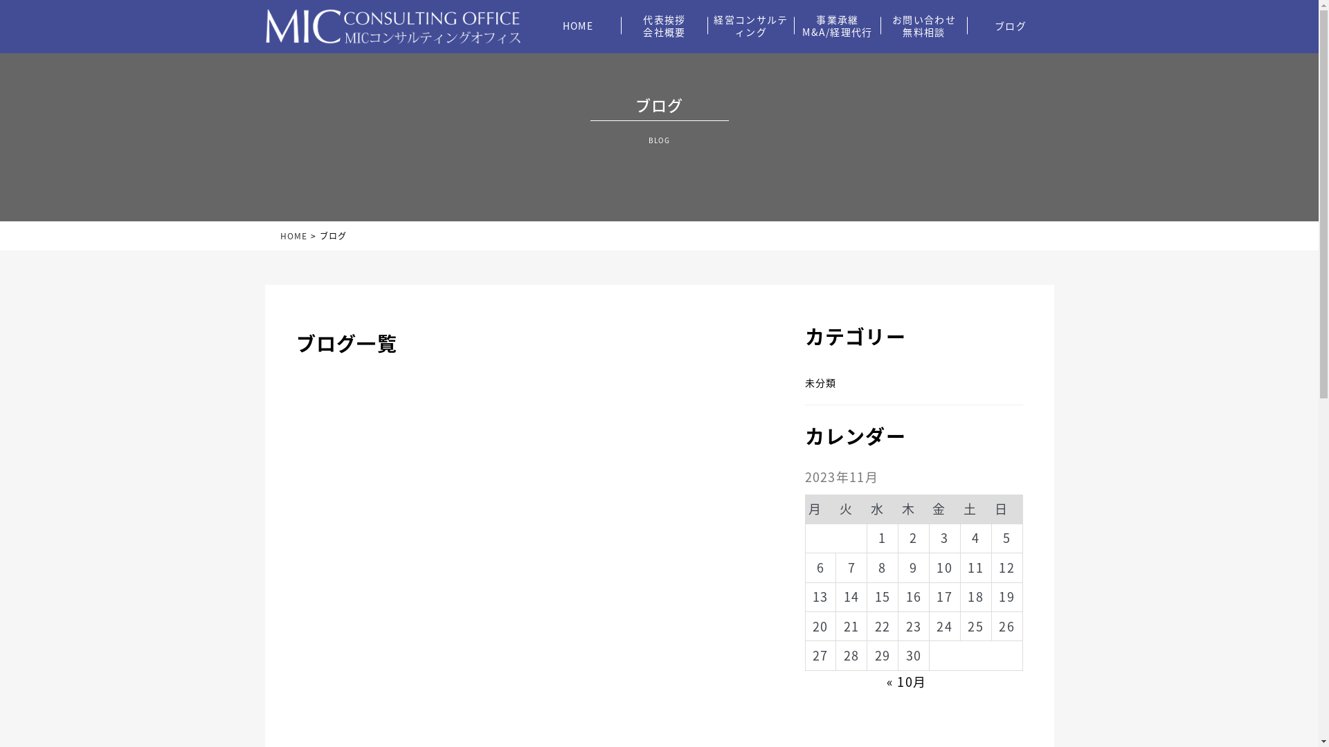  What do you see at coordinates (534, 26) in the screenshot?
I see `'HOME'` at bounding box center [534, 26].